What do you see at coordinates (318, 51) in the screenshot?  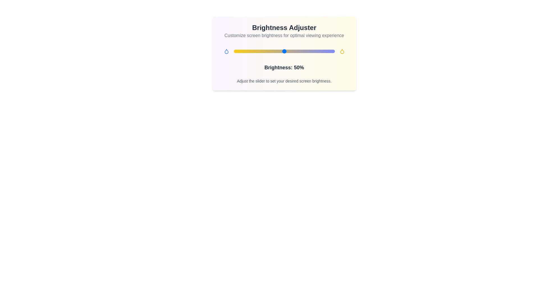 I see `the brightness slider to 84% to observe the gradient` at bounding box center [318, 51].